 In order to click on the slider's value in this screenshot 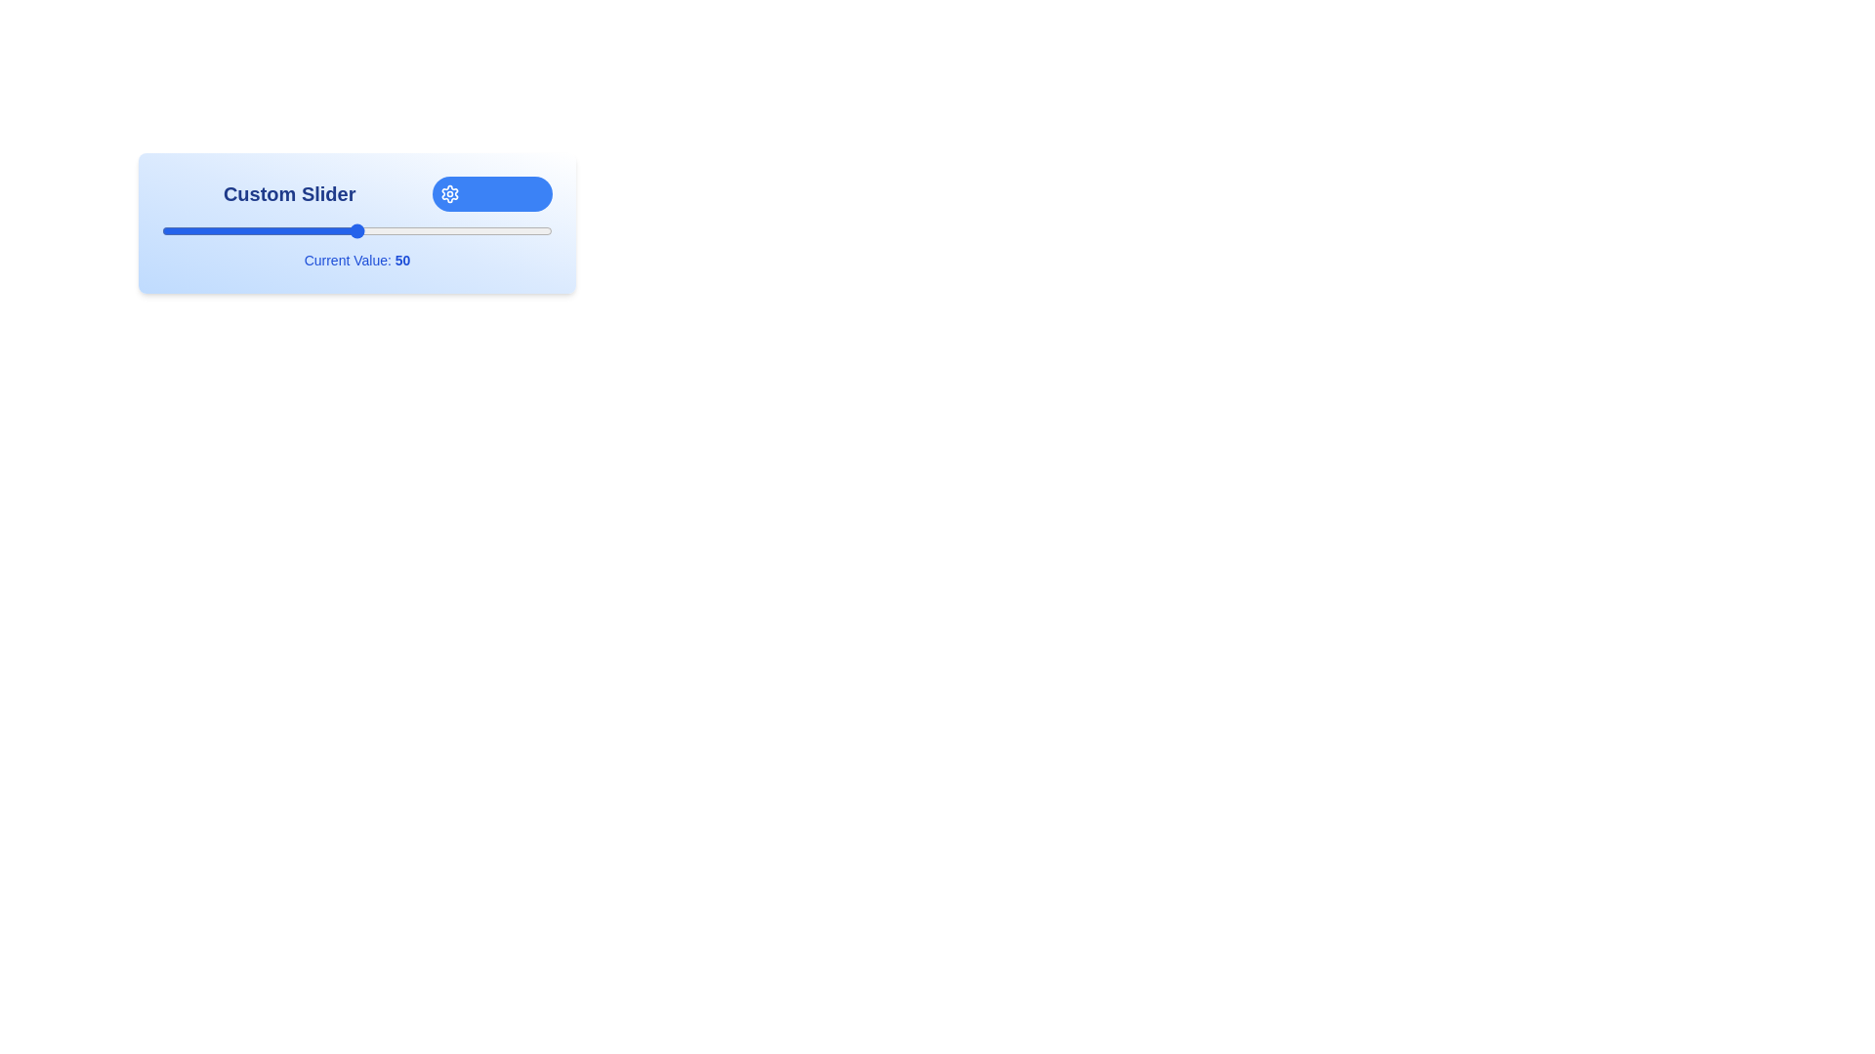, I will do `click(517, 229)`.